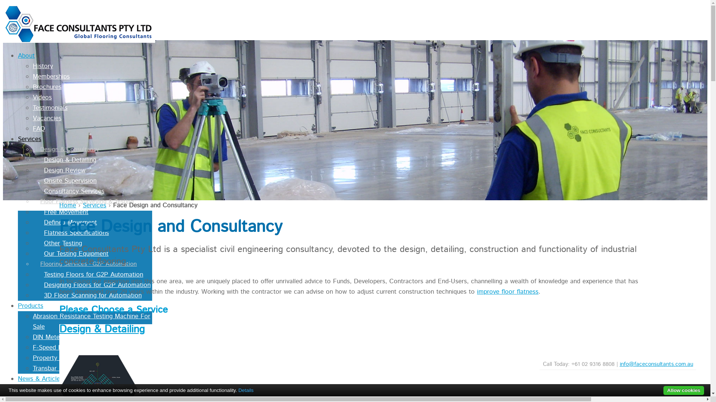 Image resolution: width=716 pixels, height=402 pixels. Describe the element at coordinates (57, 243) in the screenshot. I see `'Other Testing'` at that location.